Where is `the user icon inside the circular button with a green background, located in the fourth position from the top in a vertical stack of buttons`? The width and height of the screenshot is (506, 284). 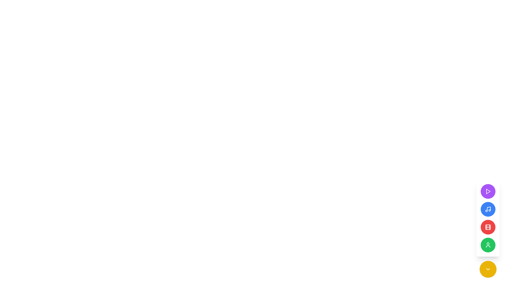
the user icon inside the circular button with a green background, located in the fourth position from the top in a vertical stack of buttons is located at coordinates (488, 245).